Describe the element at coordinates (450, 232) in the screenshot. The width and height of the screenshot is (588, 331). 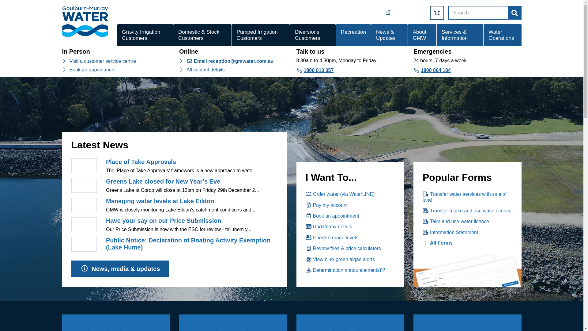
I see `'Information Statement'` at that location.